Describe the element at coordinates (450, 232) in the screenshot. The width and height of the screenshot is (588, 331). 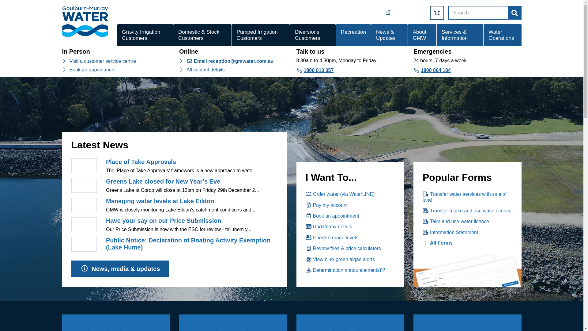
I see `'Information Statement'` at that location.